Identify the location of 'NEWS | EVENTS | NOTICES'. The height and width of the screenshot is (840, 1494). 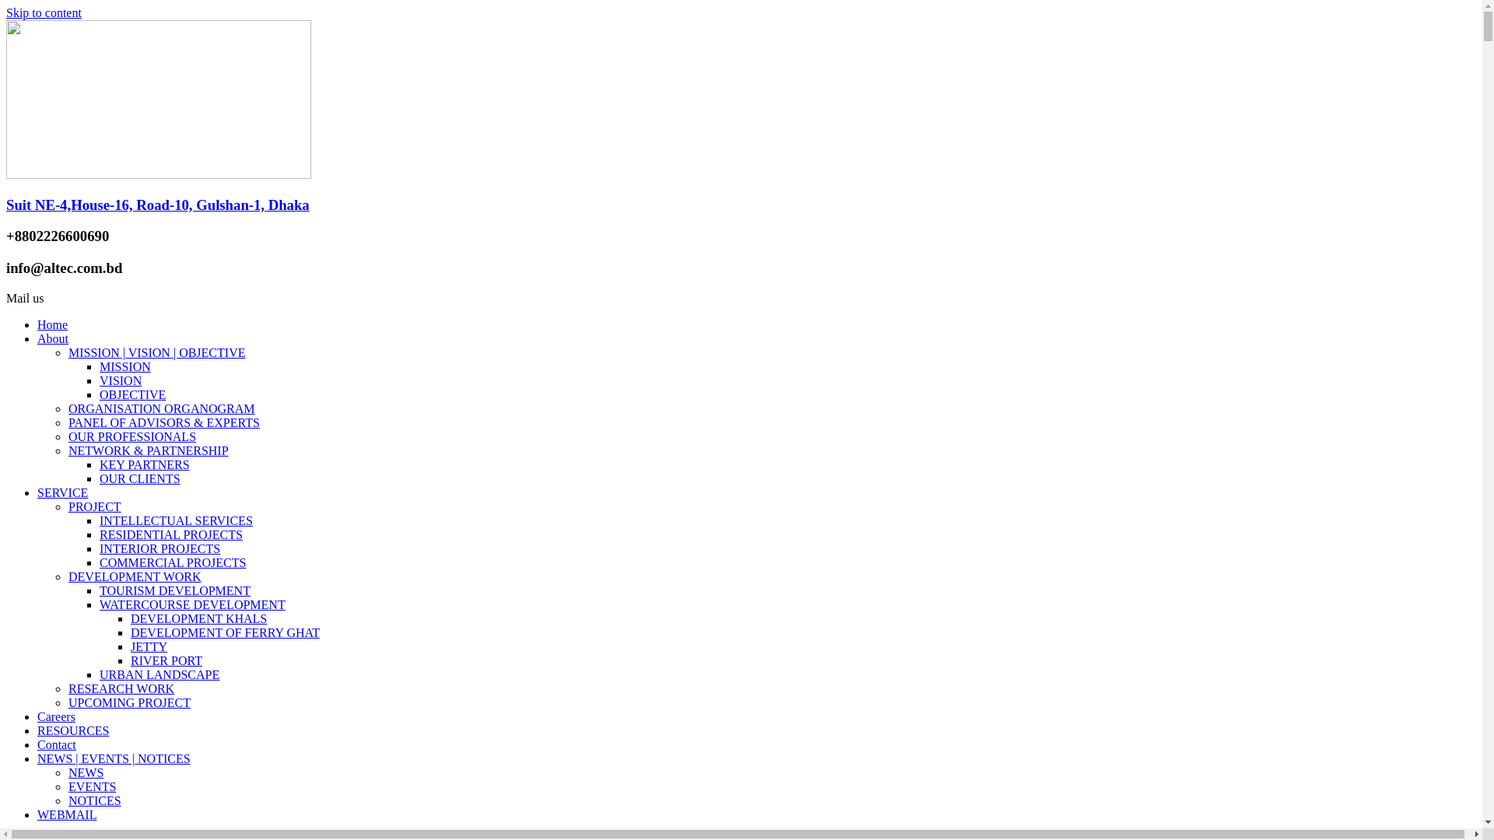
(113, 758).